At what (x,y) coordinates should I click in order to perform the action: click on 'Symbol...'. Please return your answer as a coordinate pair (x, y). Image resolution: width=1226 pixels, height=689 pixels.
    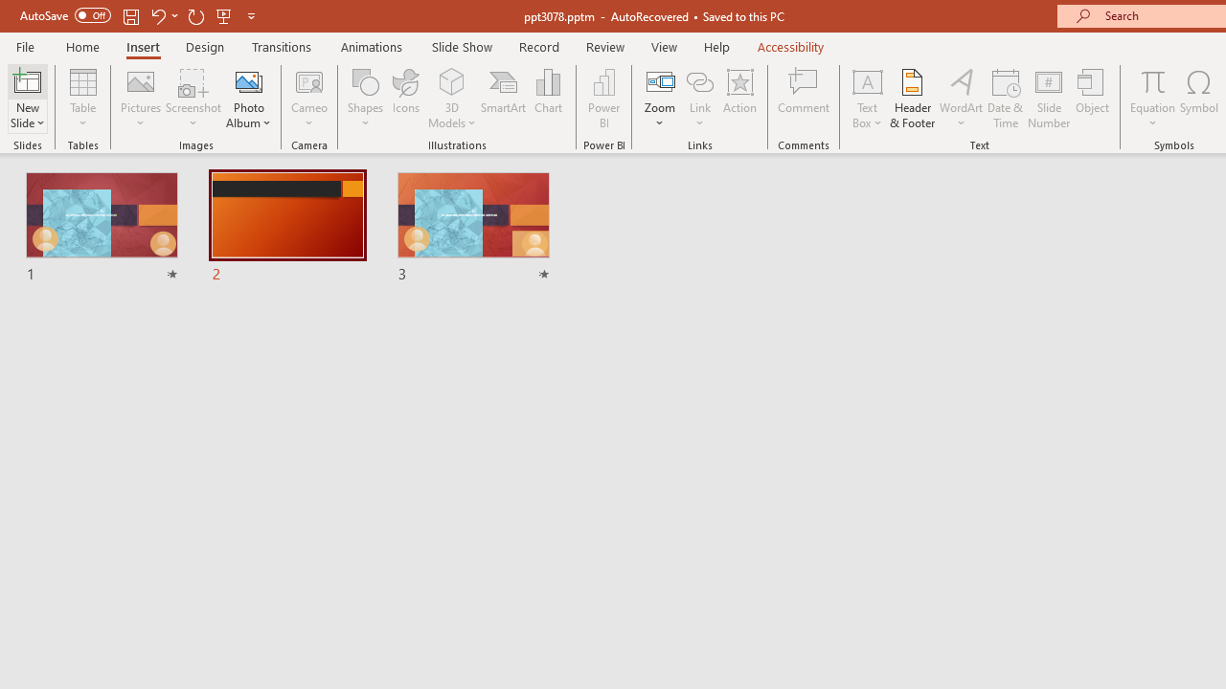
    Looking at the image, I should click on (1198, 99).